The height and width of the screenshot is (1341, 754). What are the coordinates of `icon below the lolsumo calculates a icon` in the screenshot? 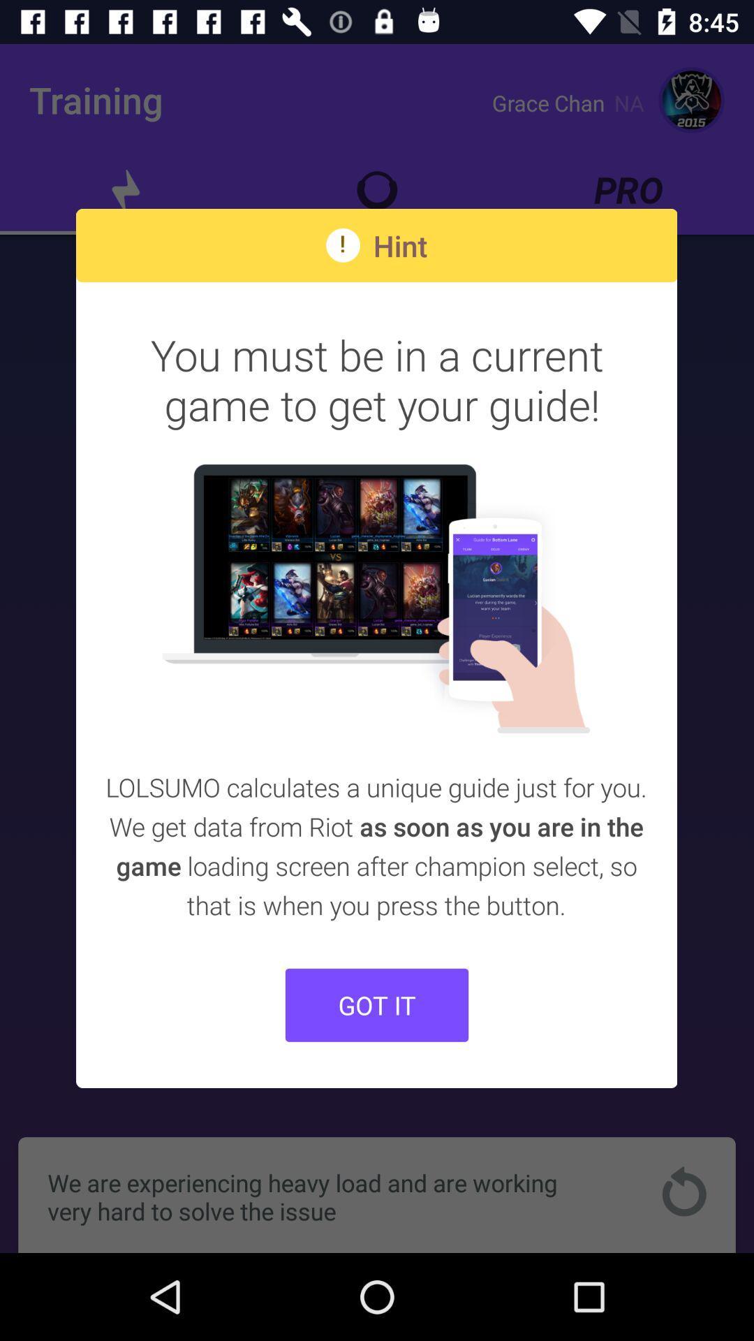 It's located at (377, 1004).